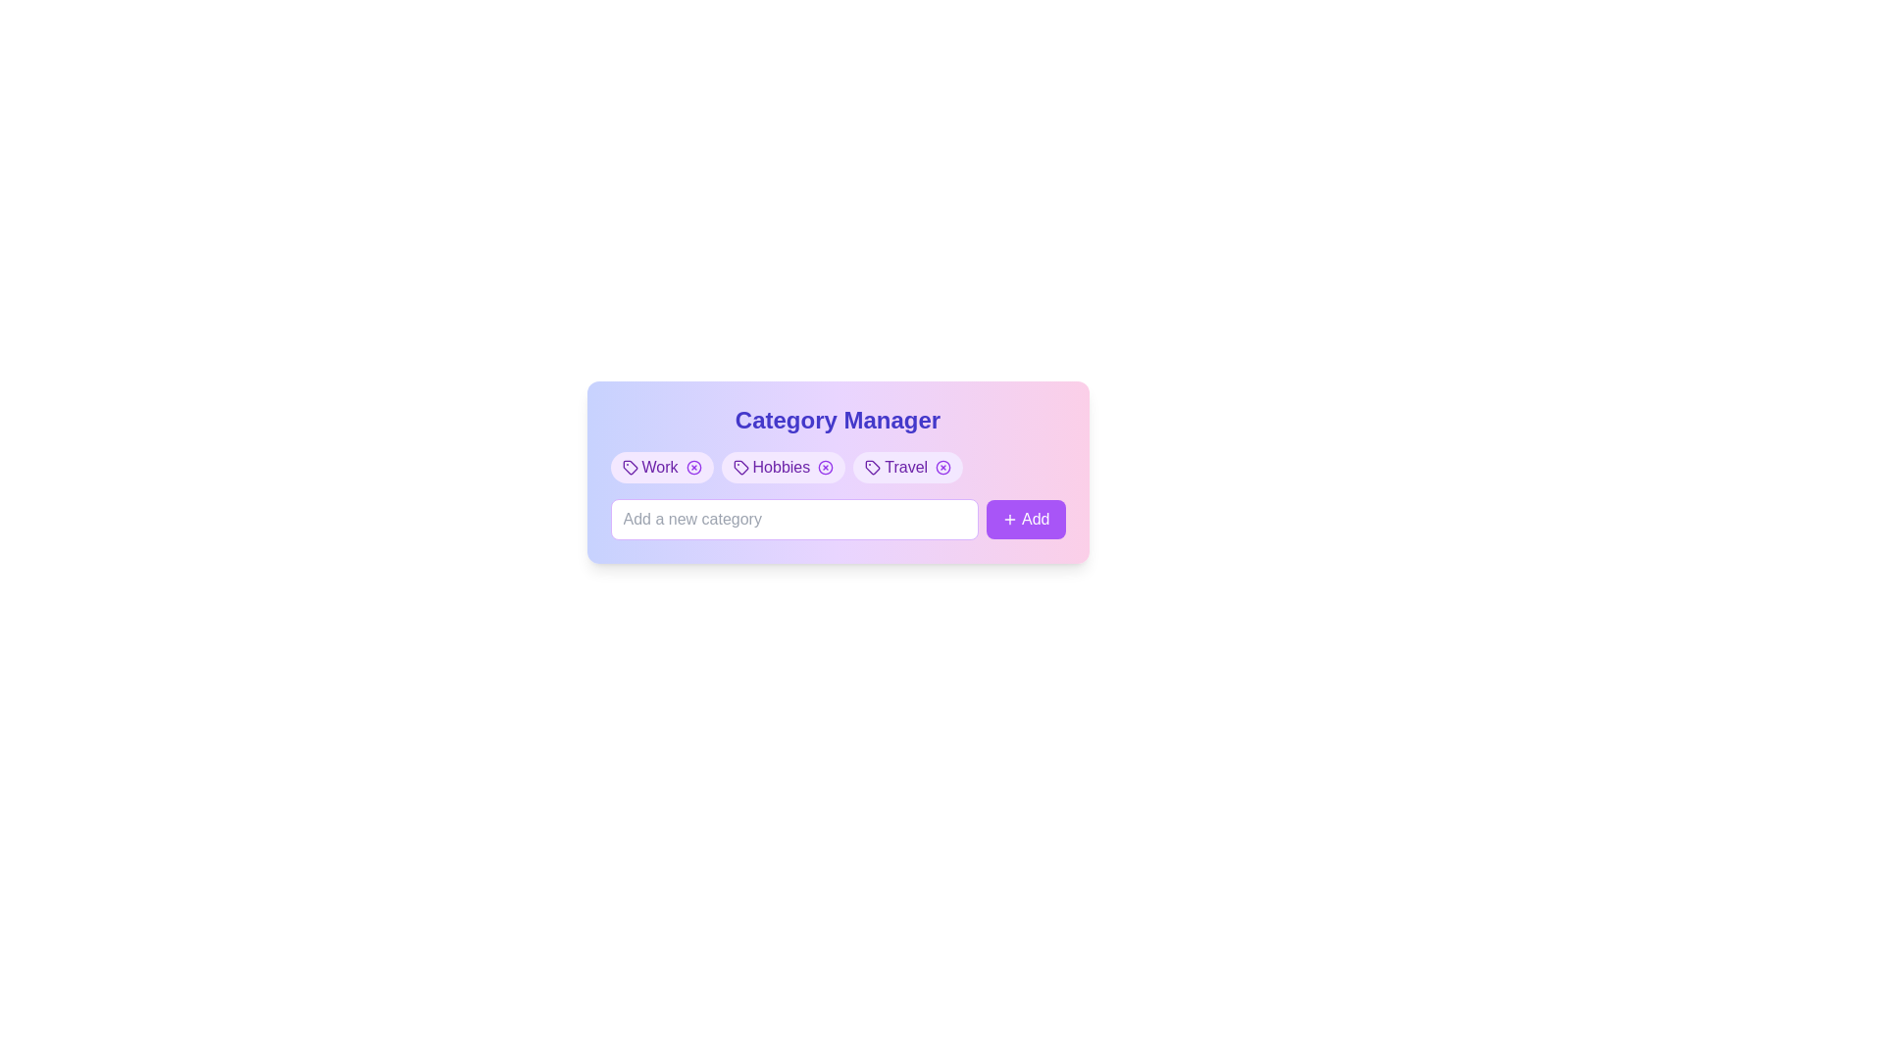 This screenshot has height=1059, width=1883. I want to click on the decorative icon representing the 'Hobbies' category, which is positioned to the left of the label's text, so click(739, 468).